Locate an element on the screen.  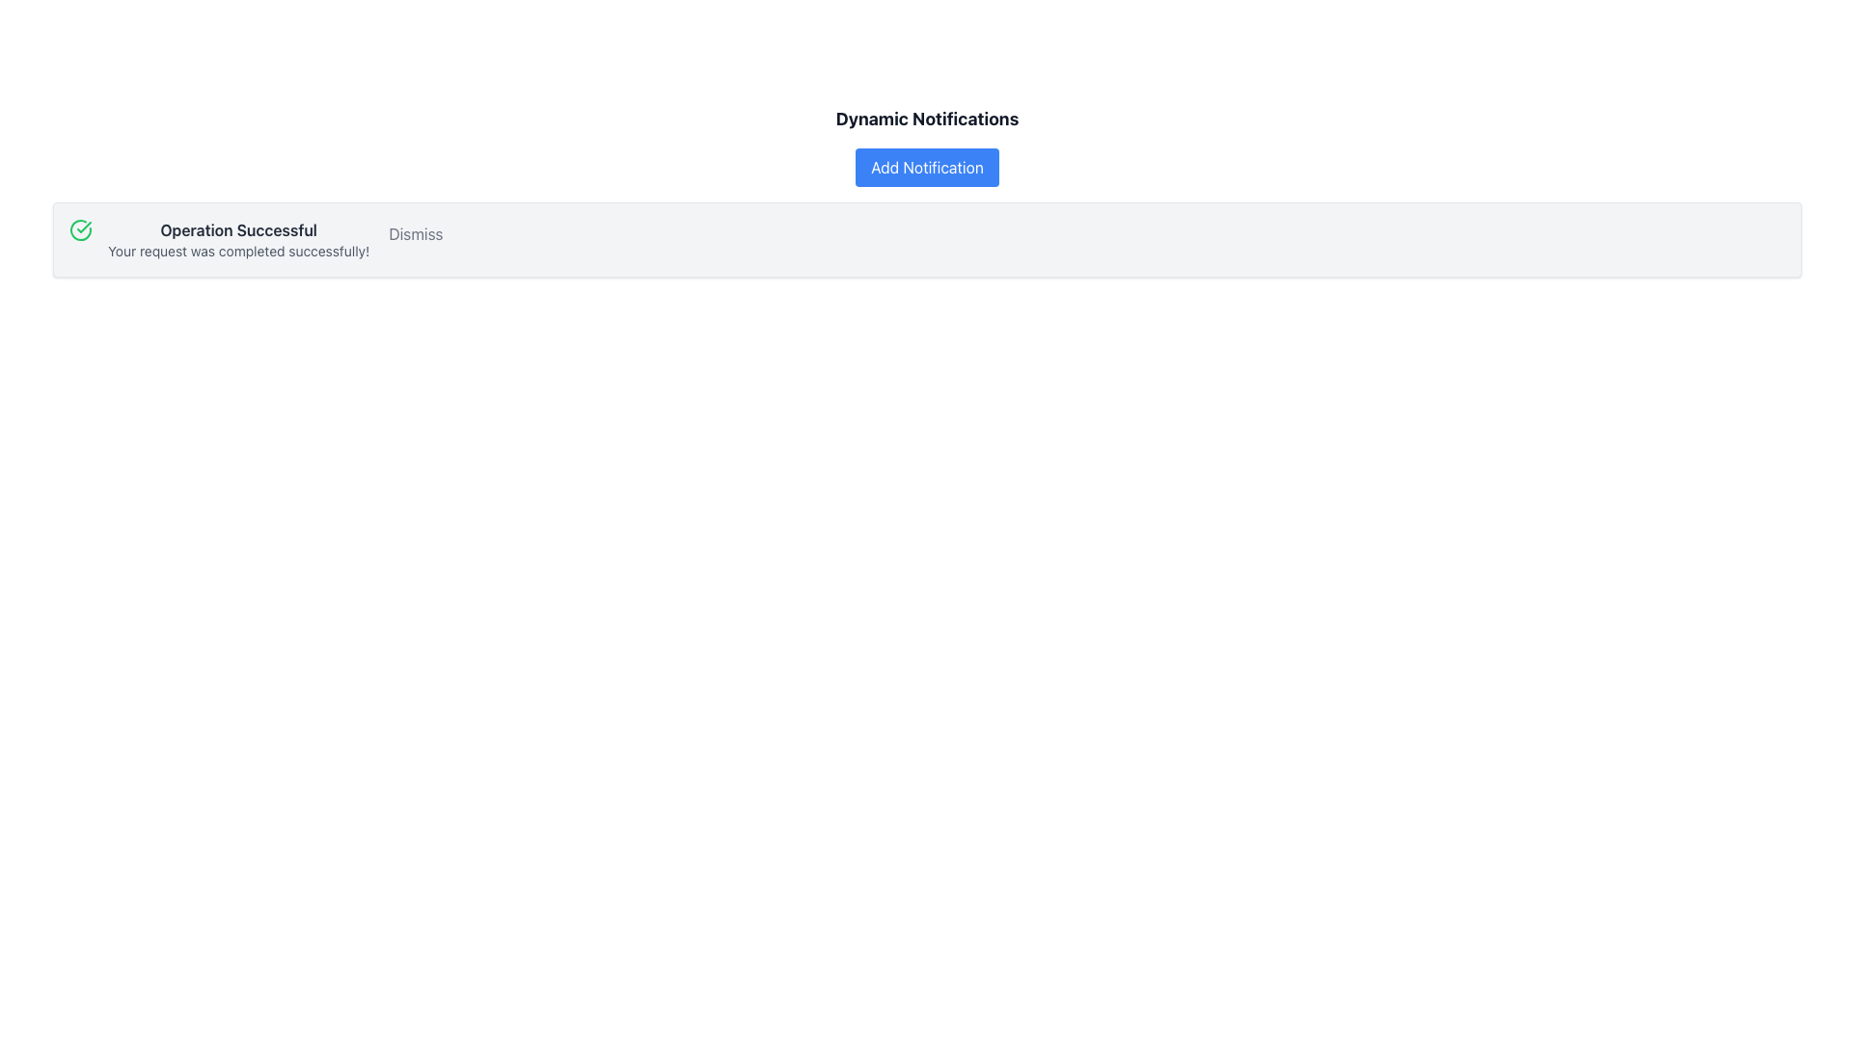
text displayed in the notification box indicating the successful completion of a request, located towards the left side next to a success icon and followed by a 'Dismiss' button is located at coordinates (237, 239).